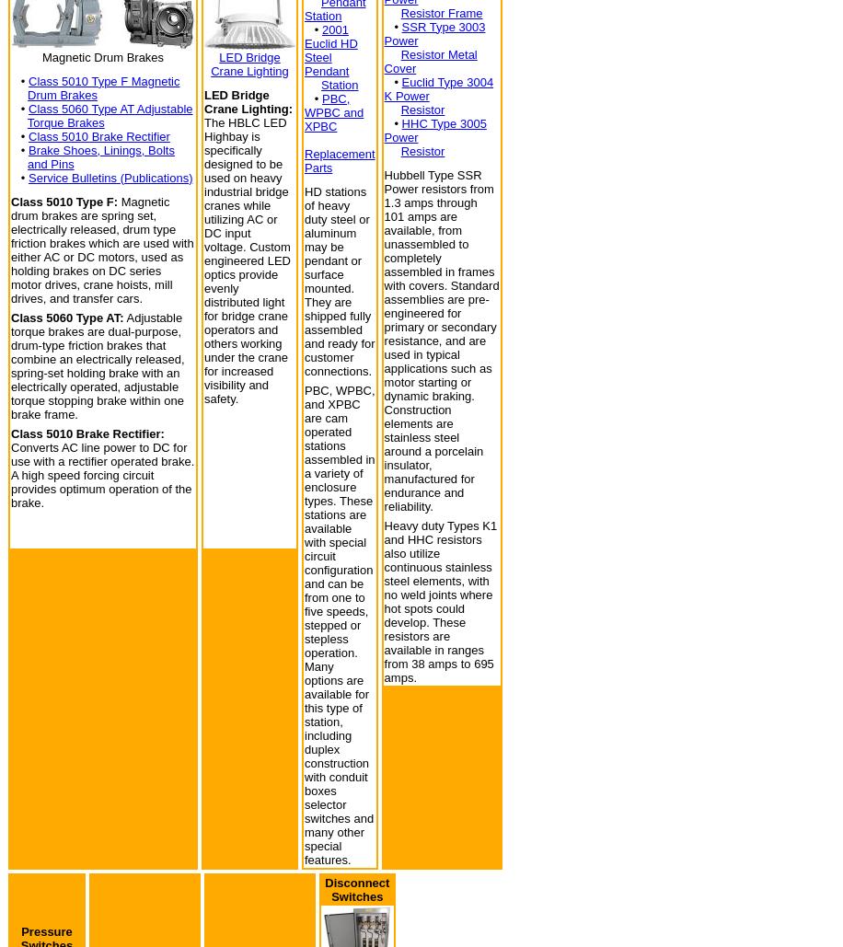 This screenshot has height=947, width=843. What do you see at coordinates (304, 111) in the screenshot?
I see `'PBC, WPBC and XPBC'` at bounding box center [304, 111].